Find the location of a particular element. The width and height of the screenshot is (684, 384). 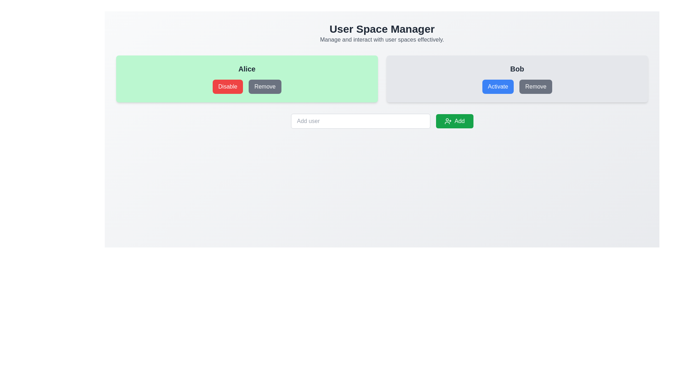

the 'Remove' button on the card for user 'Alice', which is located in the first column of the layout and has a gray background is located at coordinates (247, 79).